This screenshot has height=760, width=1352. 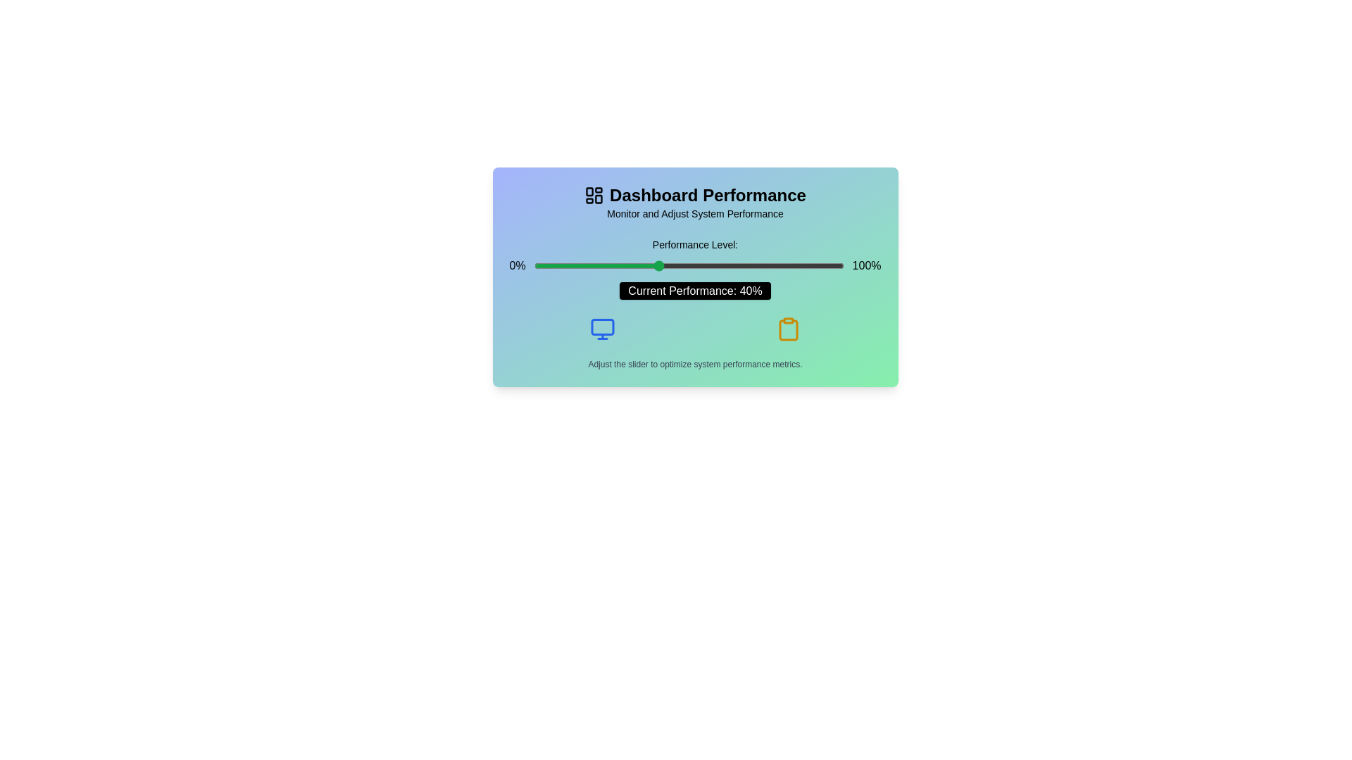 What do you see at coordinates (769, 266) in the screenshot?
I see `the slider to set the performance level to 76%` at bounding box center [769, 266].